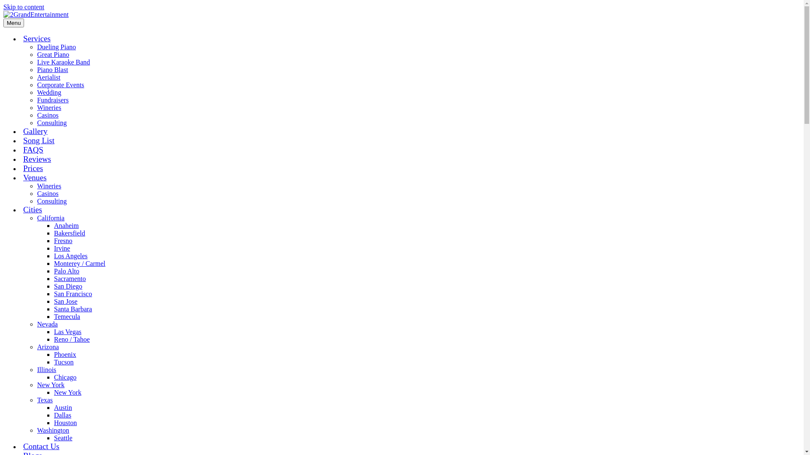 The height and width of the screenshot is (455, 810). Describe the element at coordinates (71, 255) in the screenshot. I see `'Los Angeles'` at that location.